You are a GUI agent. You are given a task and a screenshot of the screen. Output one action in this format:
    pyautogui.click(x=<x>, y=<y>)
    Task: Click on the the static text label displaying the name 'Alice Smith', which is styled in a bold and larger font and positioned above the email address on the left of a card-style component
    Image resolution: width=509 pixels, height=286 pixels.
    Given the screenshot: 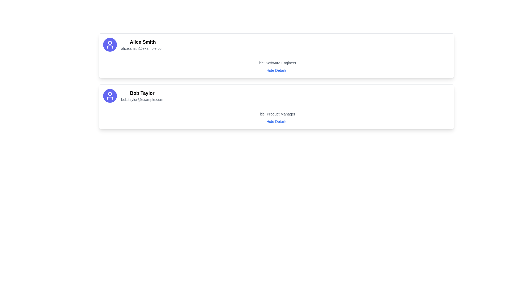 What is the action you would take?
    pyautogui.click(x=143, y=42)
    